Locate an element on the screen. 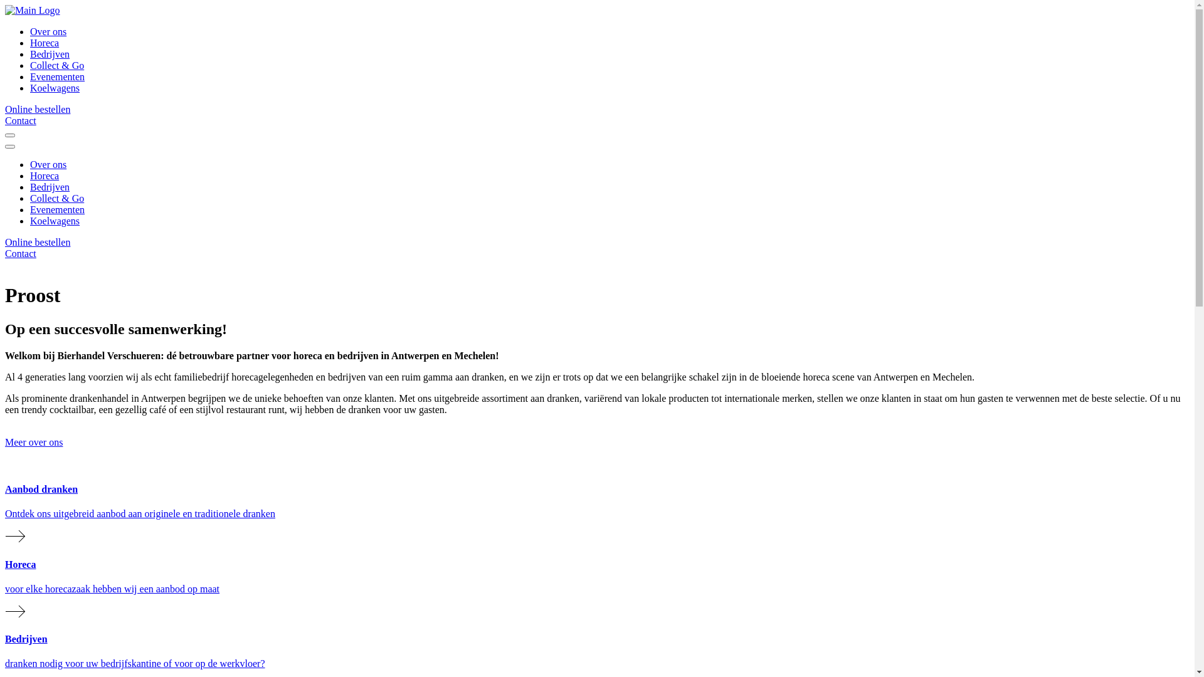  'Horeca' is located at coordinates (30, 42).